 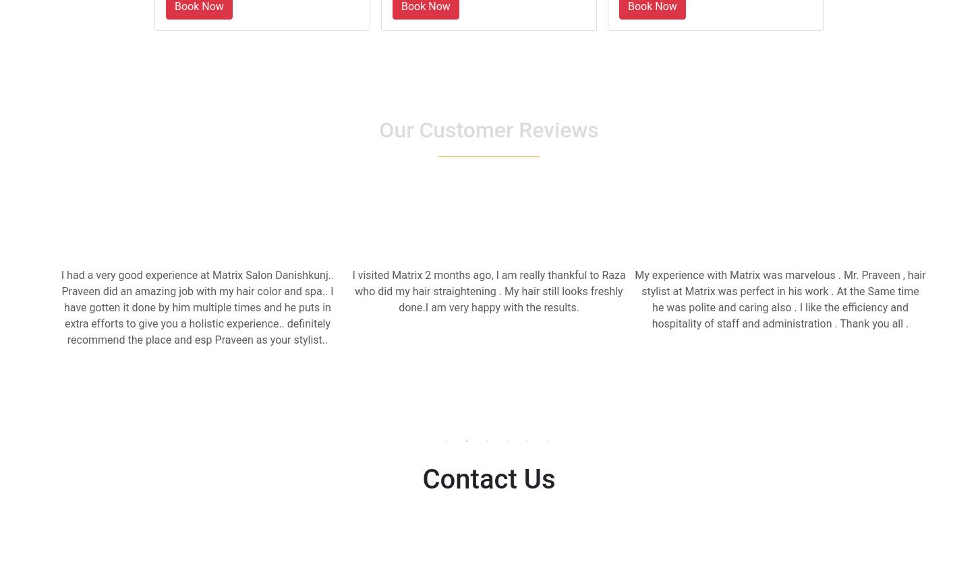 I want to click on 'Navalpreet Singh', so click(x=738, y=10).